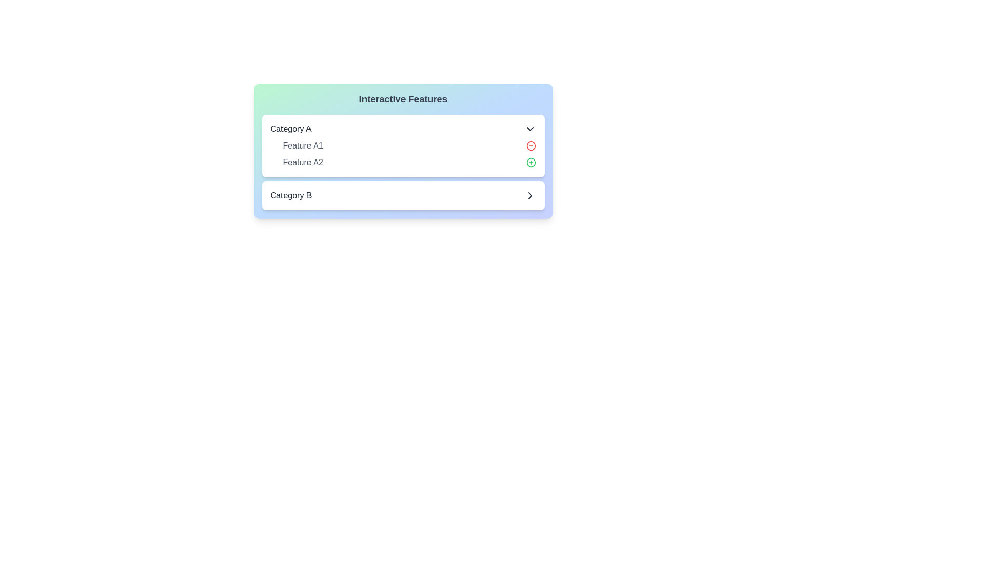  What do you see at coordinates (531, 146) in the screenshot?
I see `the minus icon located in the top-right corner of the list item labeled 'Feature A1' in the 'Category A' section of the 'Interactive Features' UI panel` at bounding box center [531, 146].